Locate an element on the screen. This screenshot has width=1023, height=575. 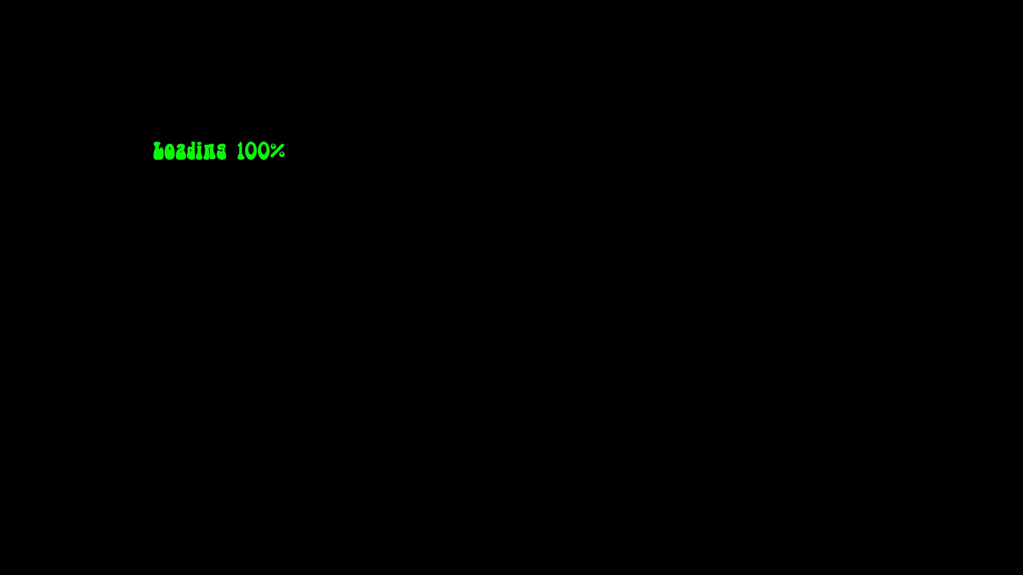
VOL + is located at coordinates (352, 202).